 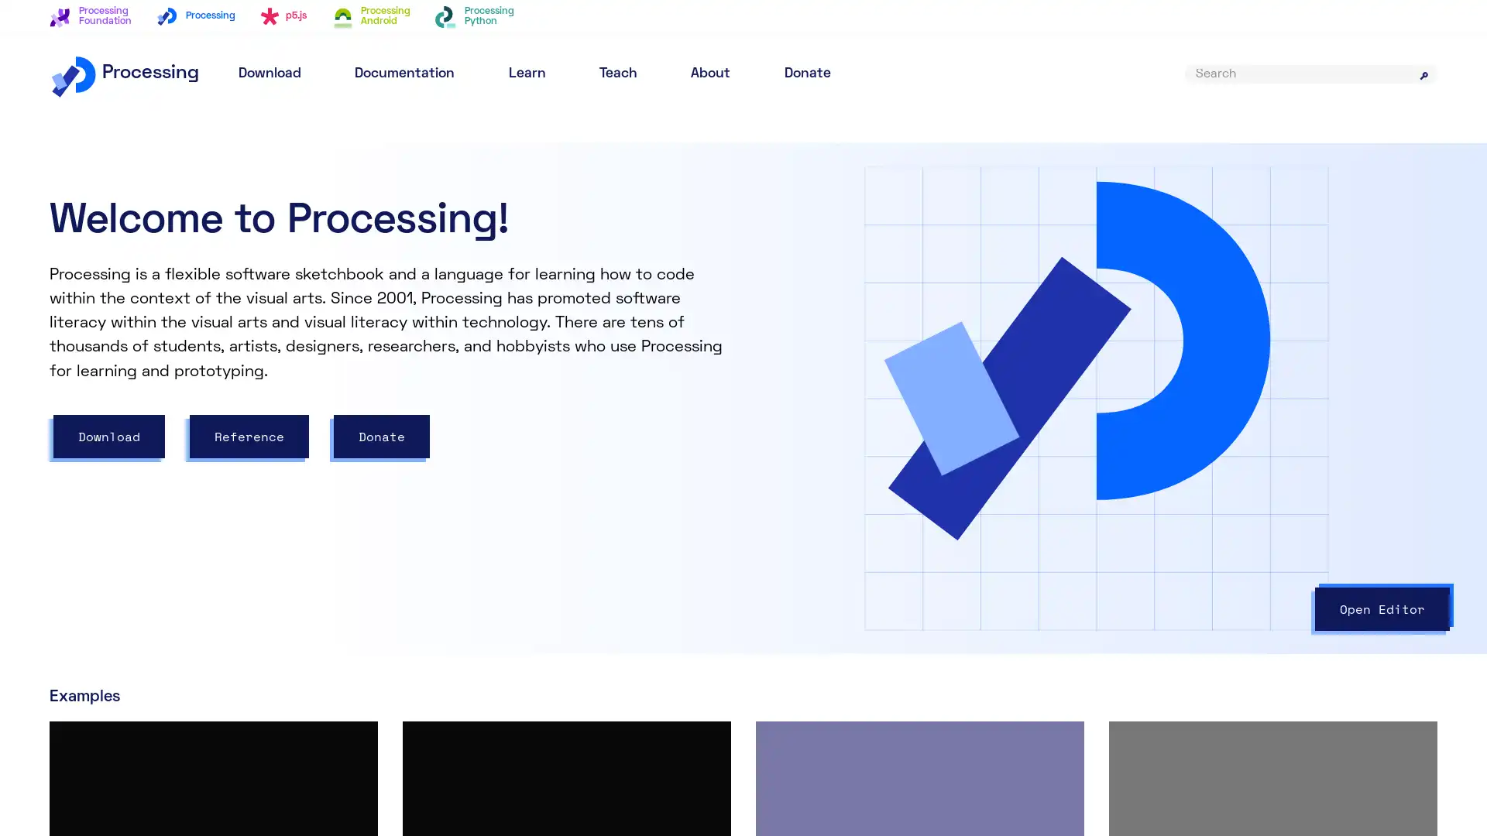 I want to click on change position, so click(x=972, y=530).